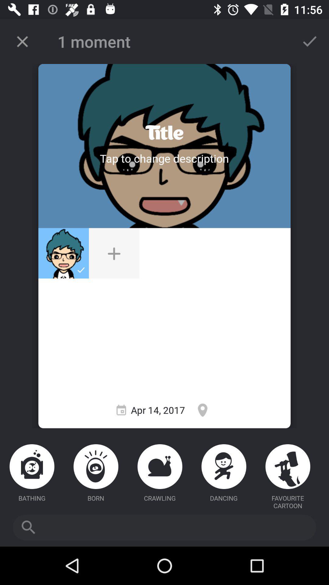 The width and height of the screenshot is (329, 585). Describe the element at coordinates (164, 132) in the screenshot. I see `change title` at that location.